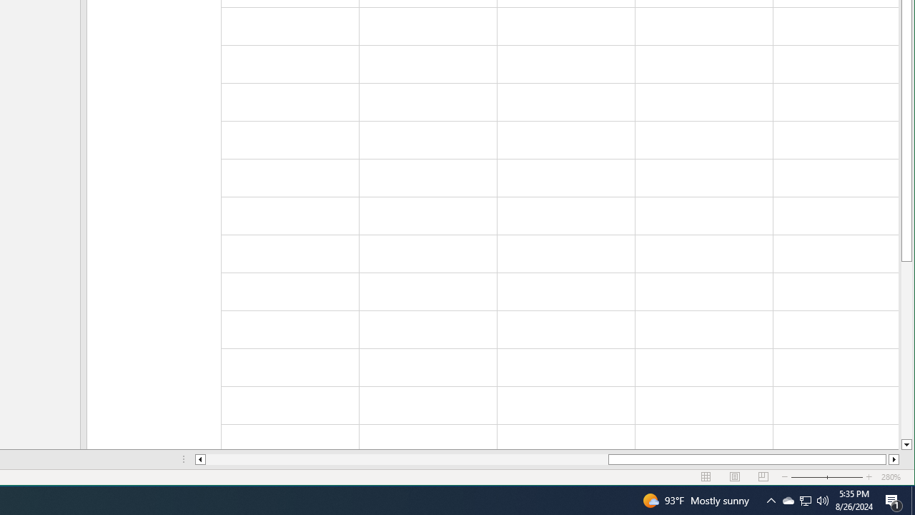 This screenshot has width=915, height=515. What do you see at coordinates (894, 459) in the screenshot?
I see `'Column right'` at bounding box center [894, 459].